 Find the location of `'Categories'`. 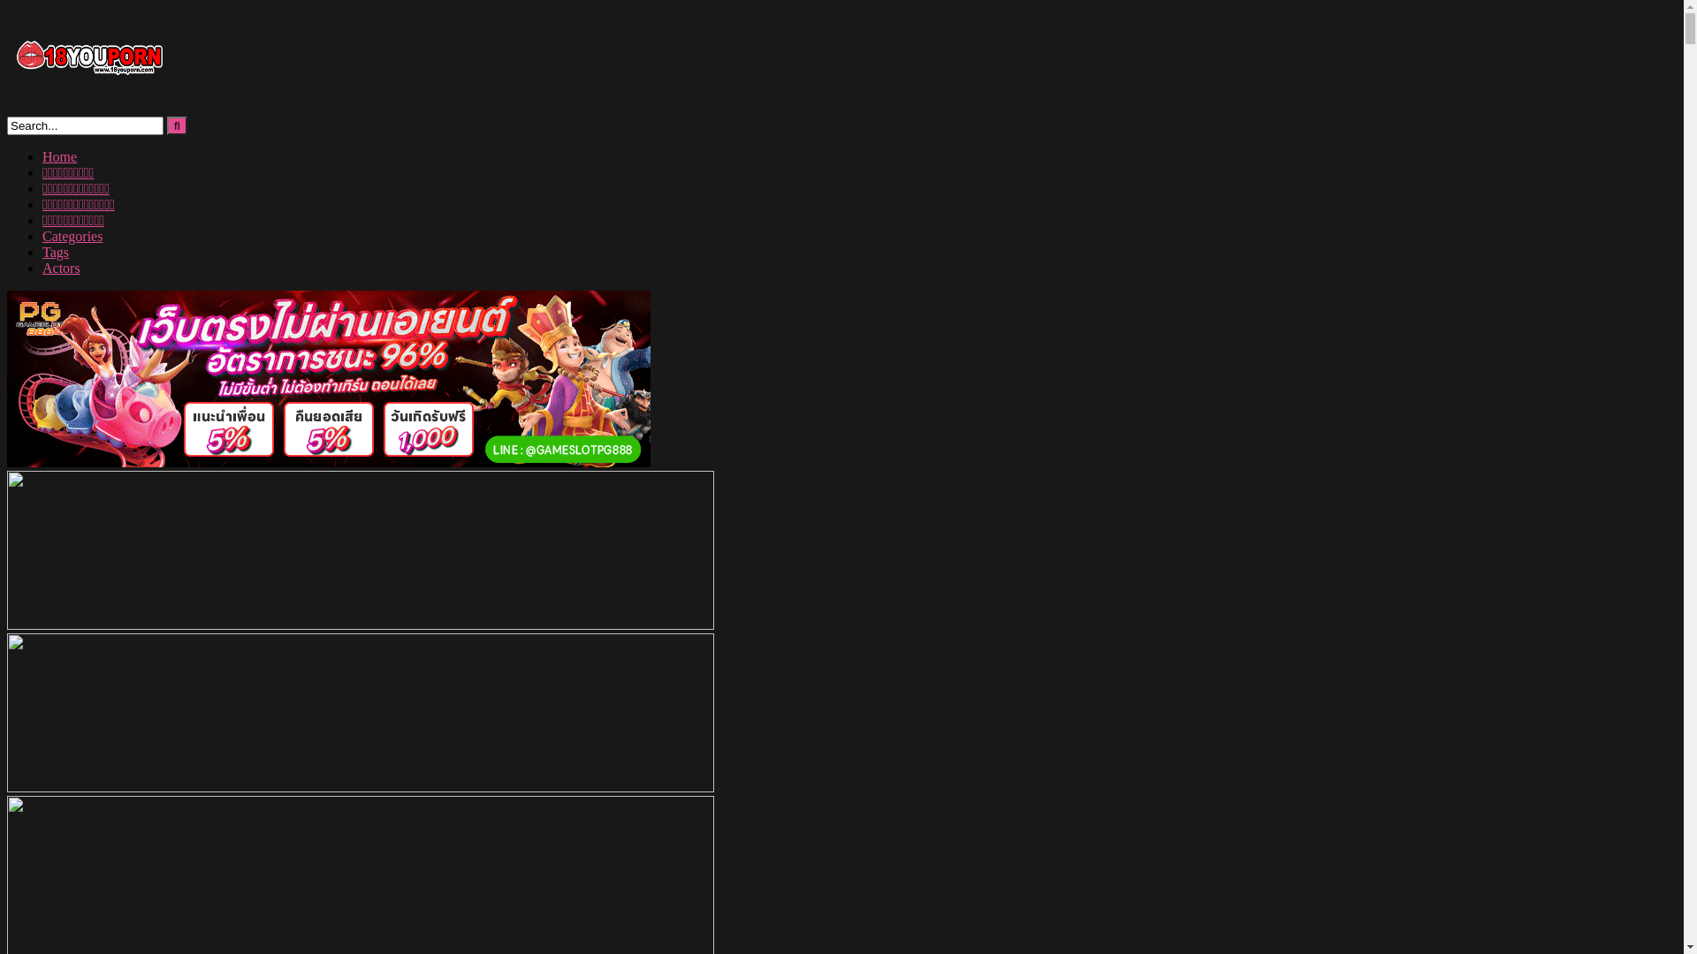

'Categories' is located at coordinates (71, 235).